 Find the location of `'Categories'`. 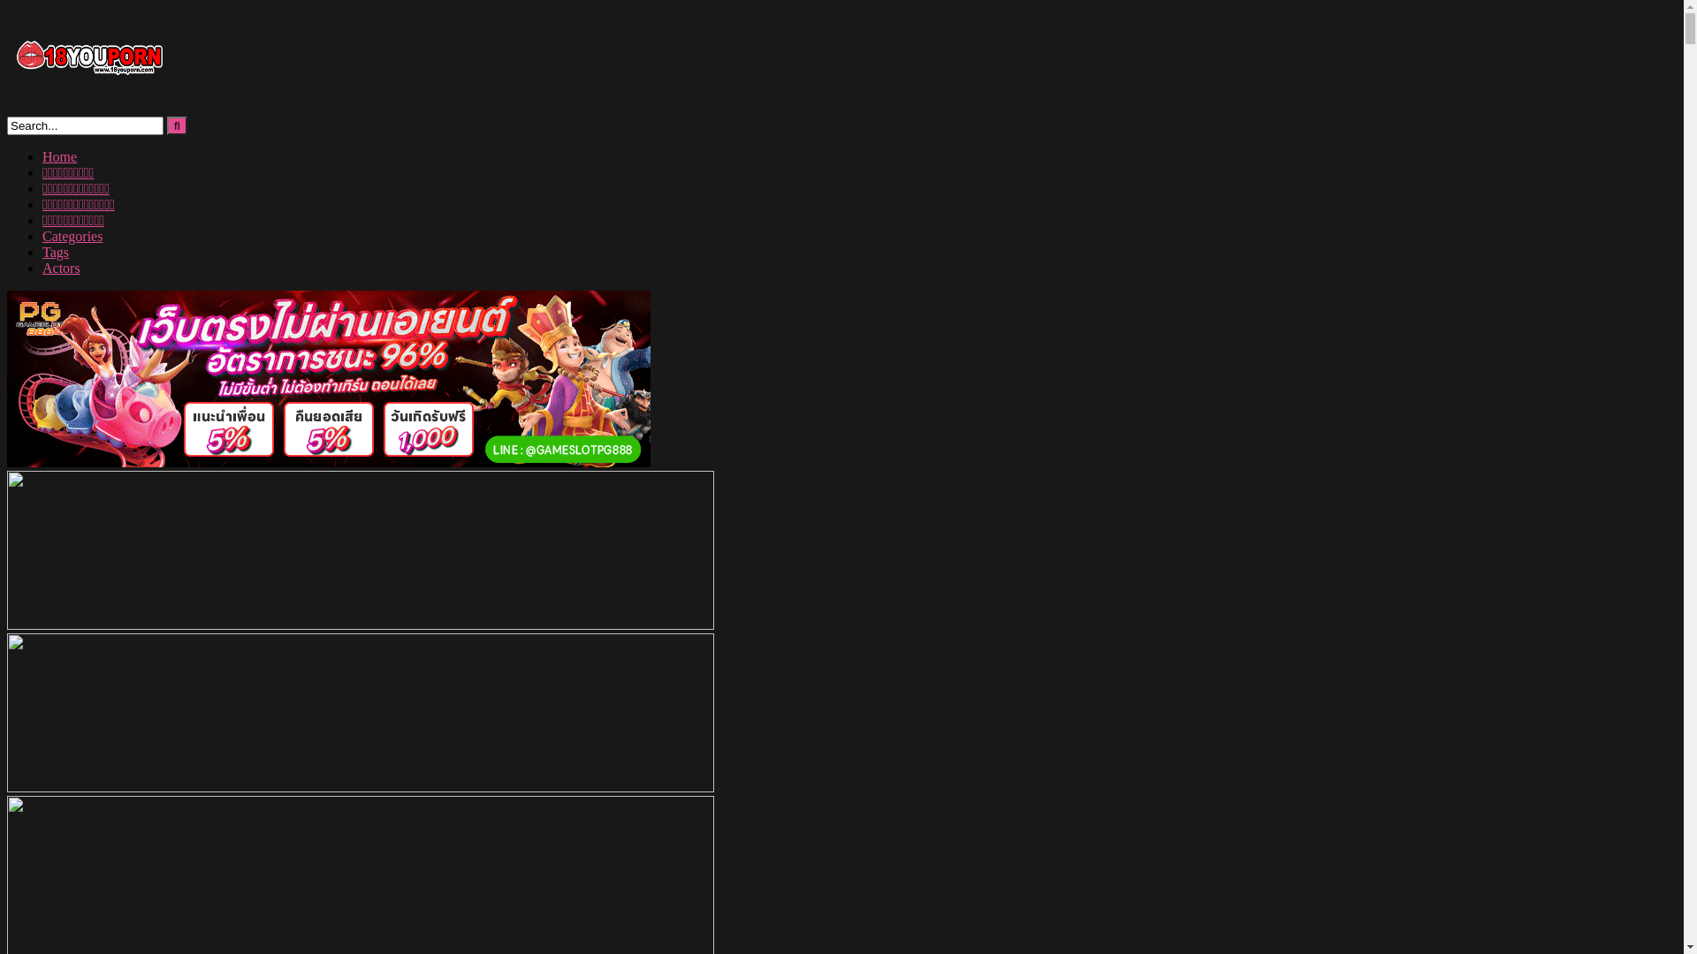

'Categories' is located at coordinates (71, 235).